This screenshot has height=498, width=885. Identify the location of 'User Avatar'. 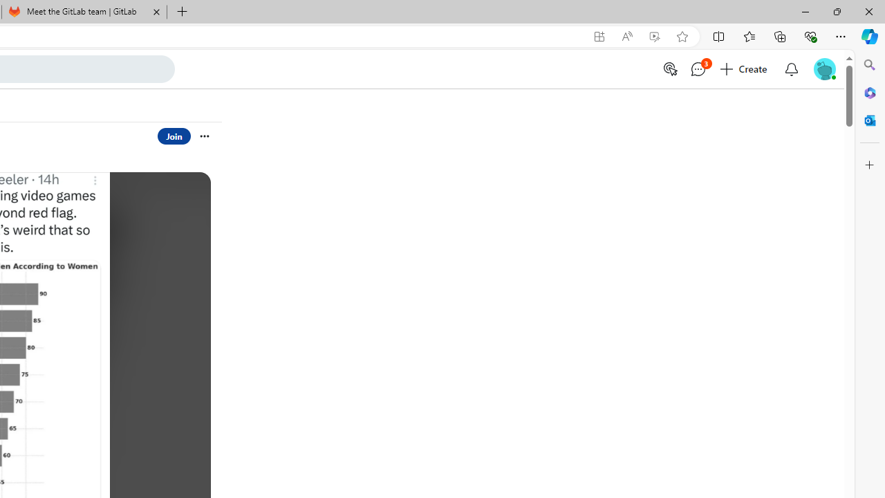
(824, 68).